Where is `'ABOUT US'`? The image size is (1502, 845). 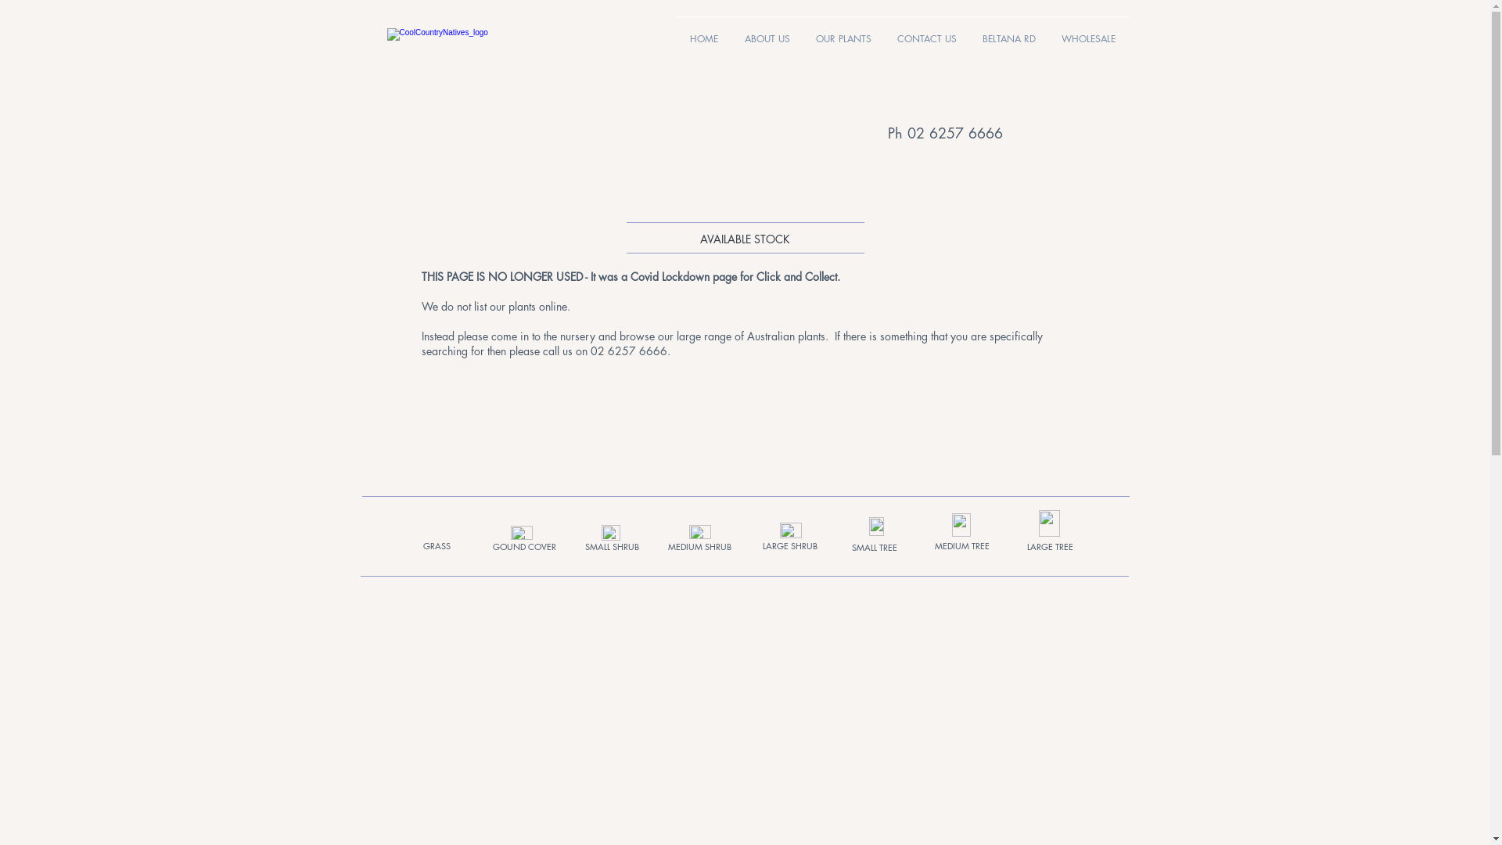 'ABOUT US' is located at coordinates (766, 32).